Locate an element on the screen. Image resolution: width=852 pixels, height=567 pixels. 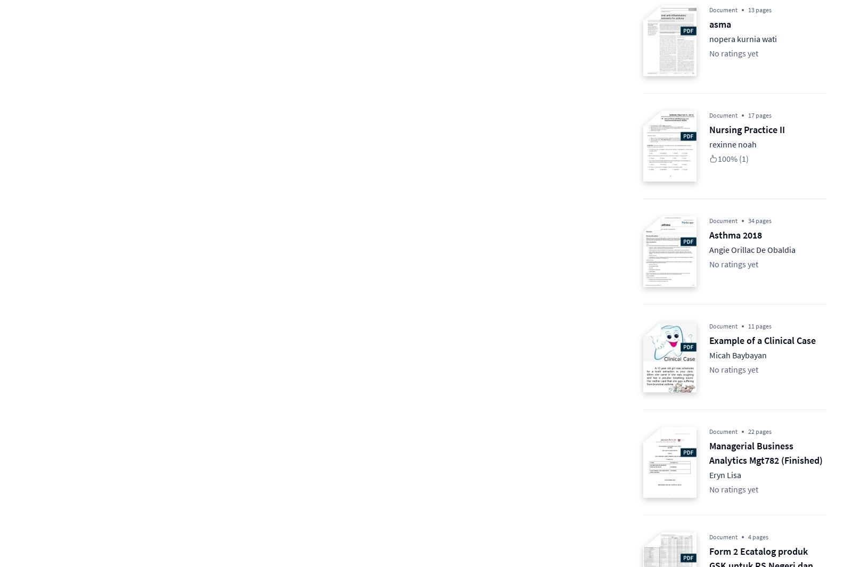
'Asthma 2018' is located at coordinates (735, 234).